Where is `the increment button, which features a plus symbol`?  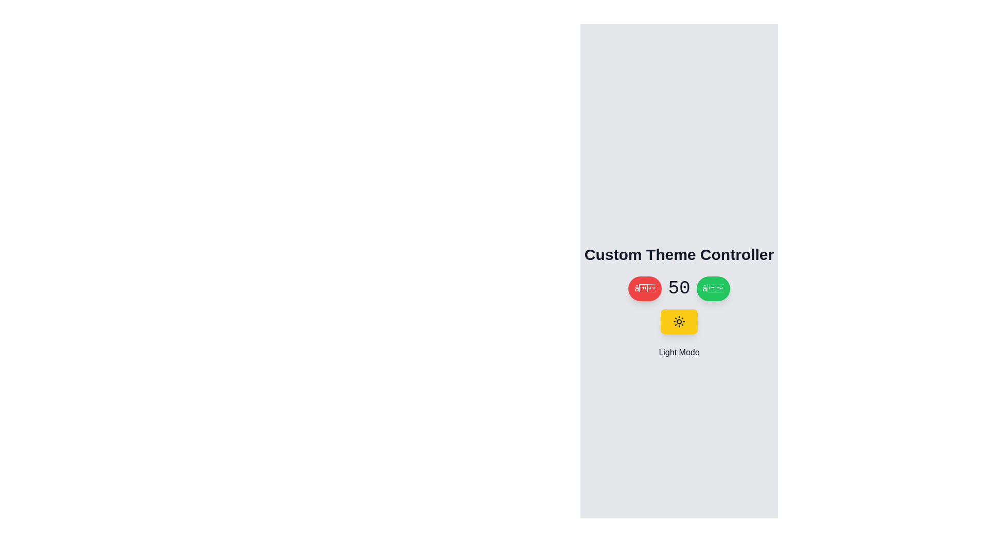 the increment button, which features a plus symbol is located at coordinates (713, 288).